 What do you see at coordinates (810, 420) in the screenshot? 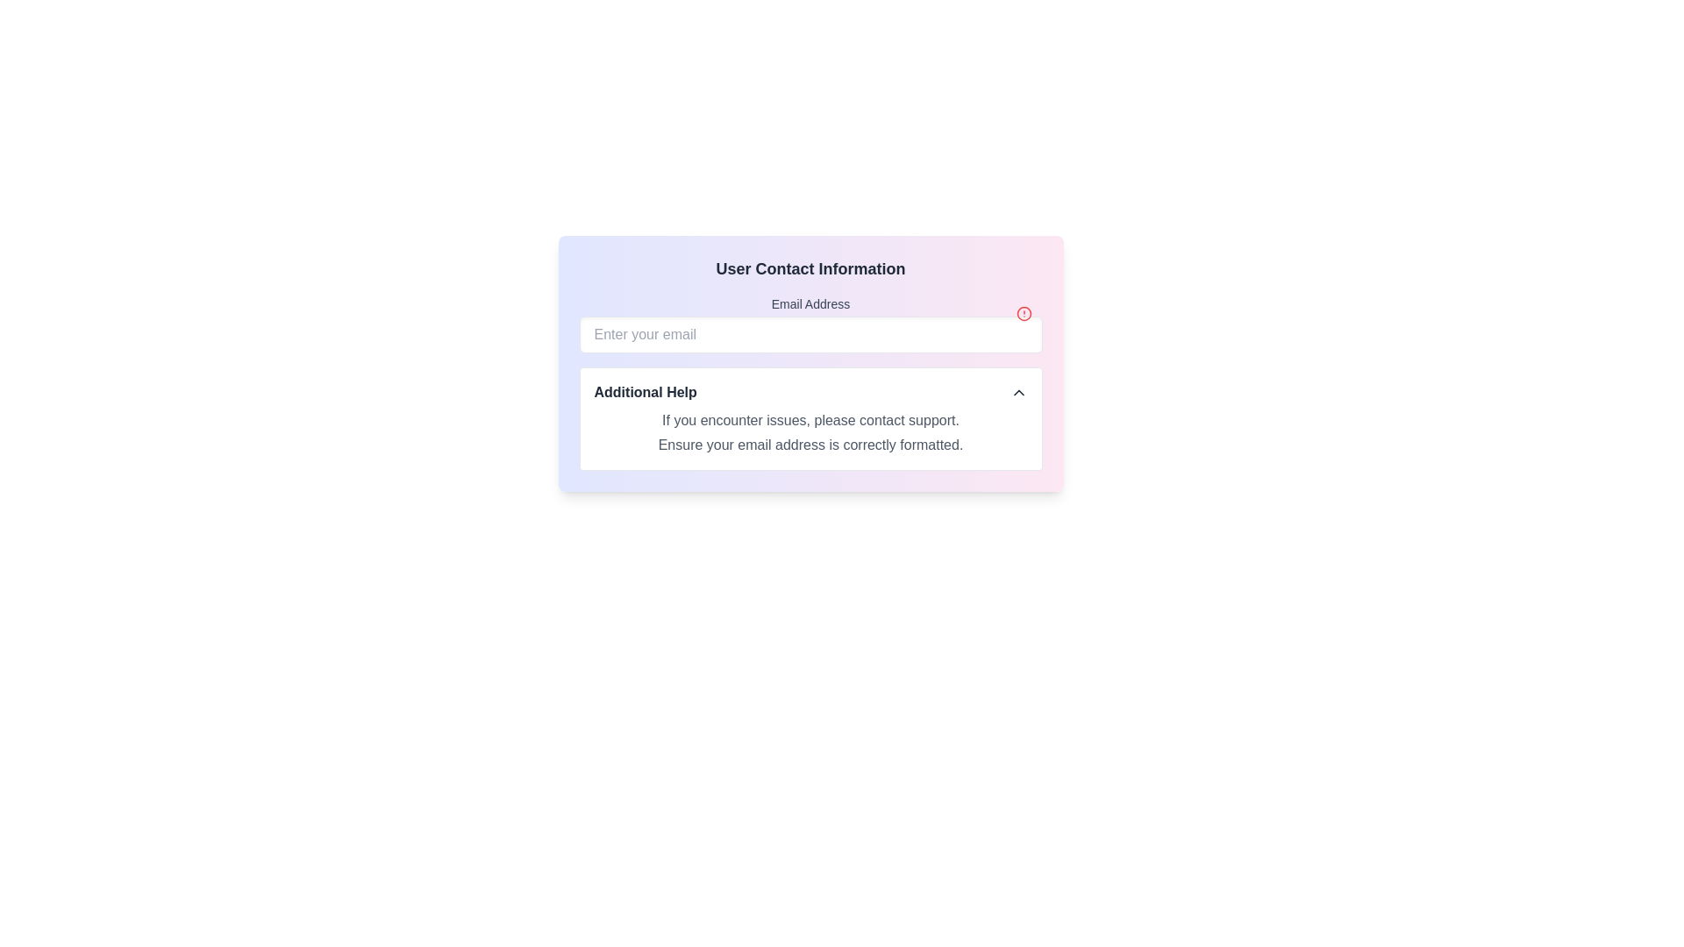
I see `the help Text Label that advises users to contact support, located beneath the 'Additional Help' header` at bounding box center [810, 420].